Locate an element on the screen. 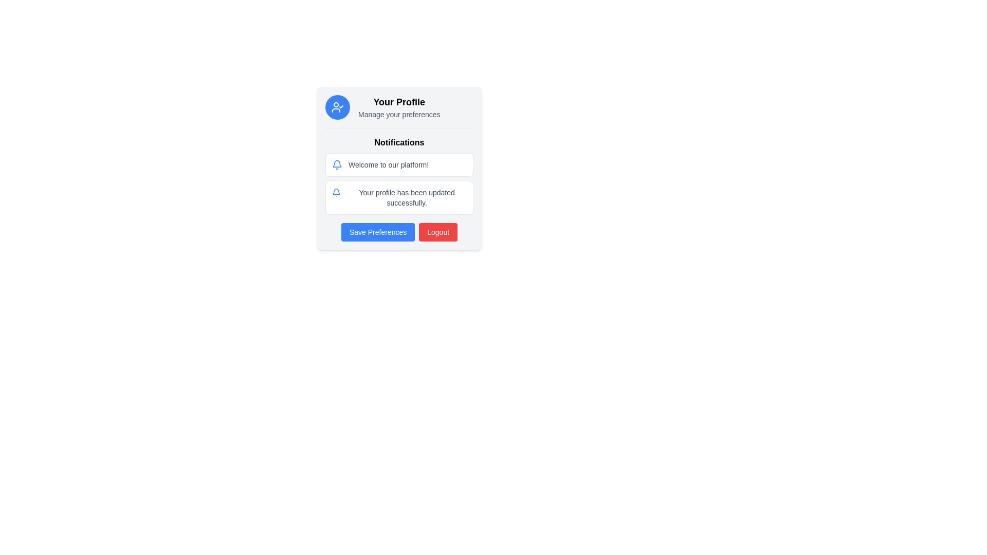 The image size is (987, 555). the Notification Panel located below the headings 'Your Profile' and 'Manage your preferences', and above the buttons 'Save Preferences' and 'Logout' is located at coordinates (399, 171).